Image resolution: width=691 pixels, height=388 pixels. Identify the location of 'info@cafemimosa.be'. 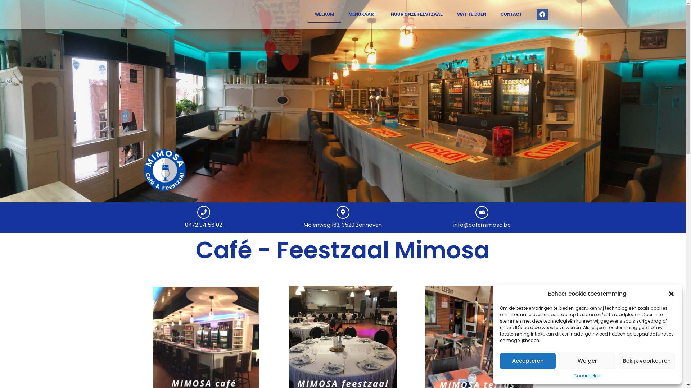
(482, 224).